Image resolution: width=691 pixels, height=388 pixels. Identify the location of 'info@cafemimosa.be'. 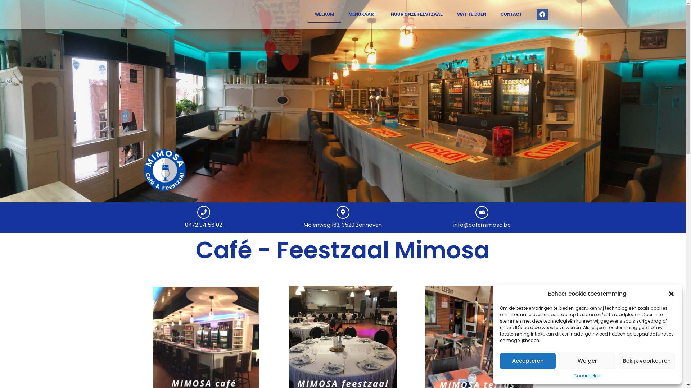
(482, 224).